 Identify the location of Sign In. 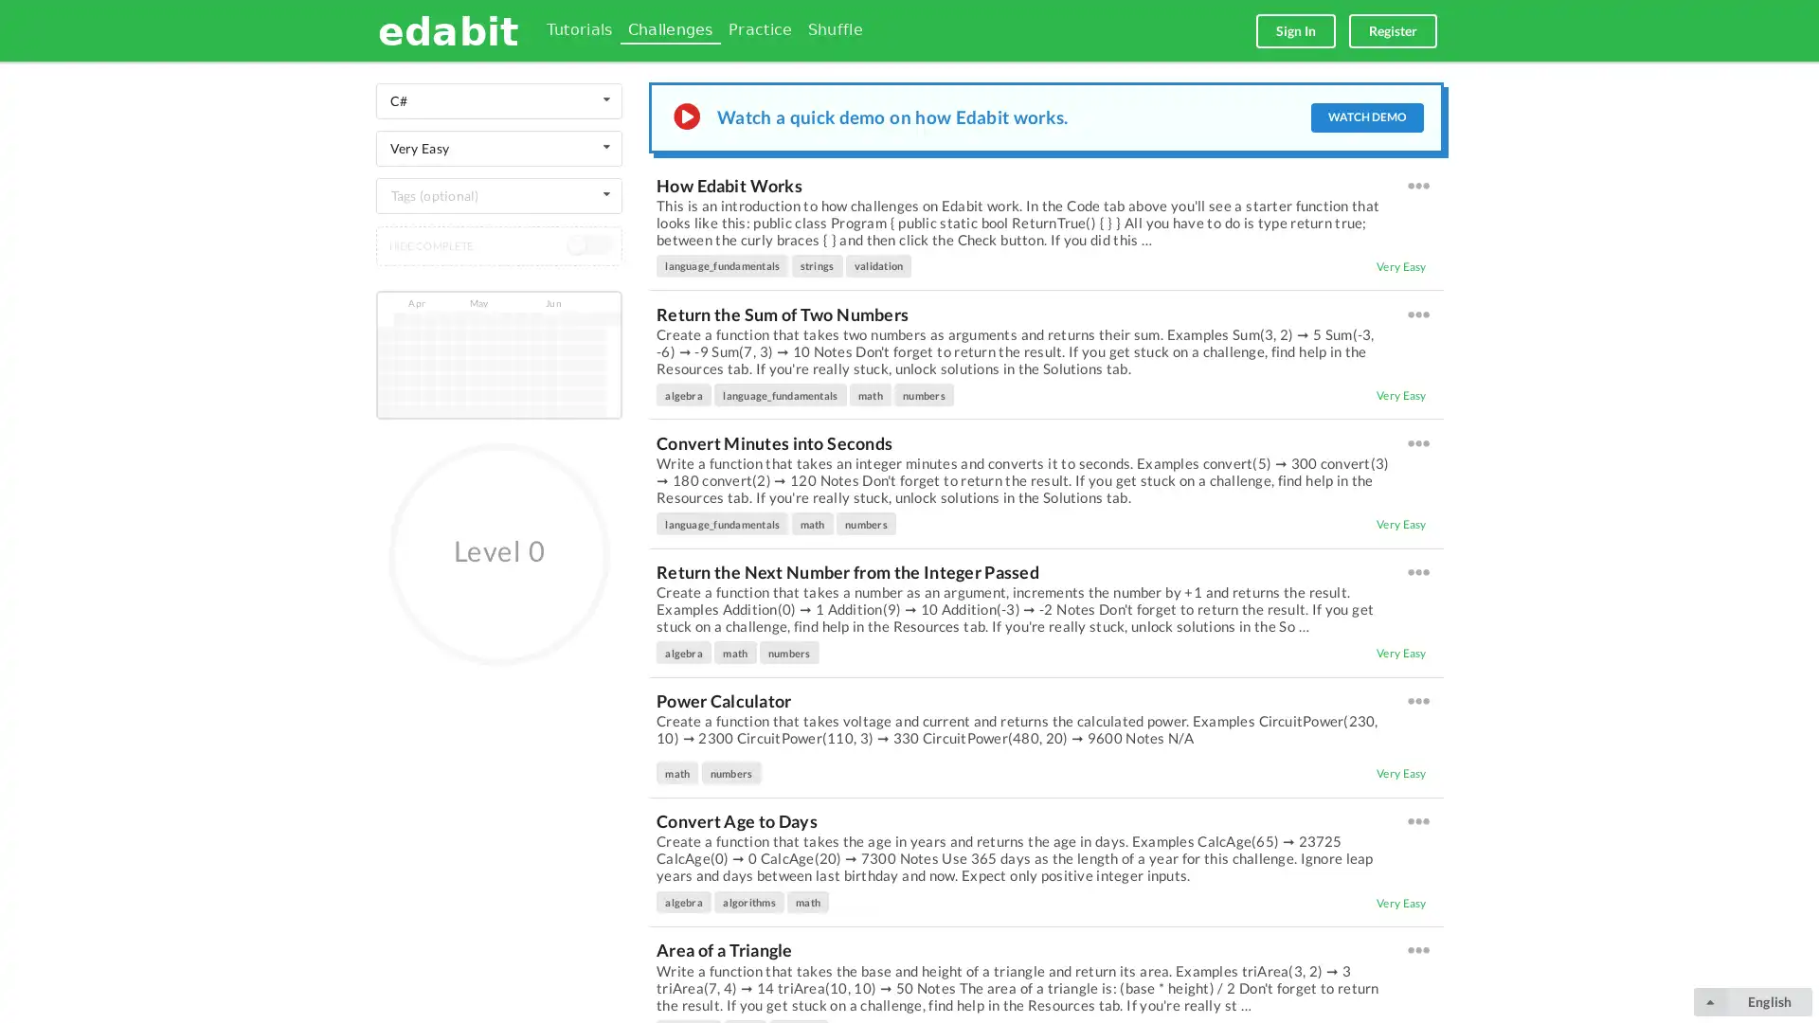
(1294, 29).